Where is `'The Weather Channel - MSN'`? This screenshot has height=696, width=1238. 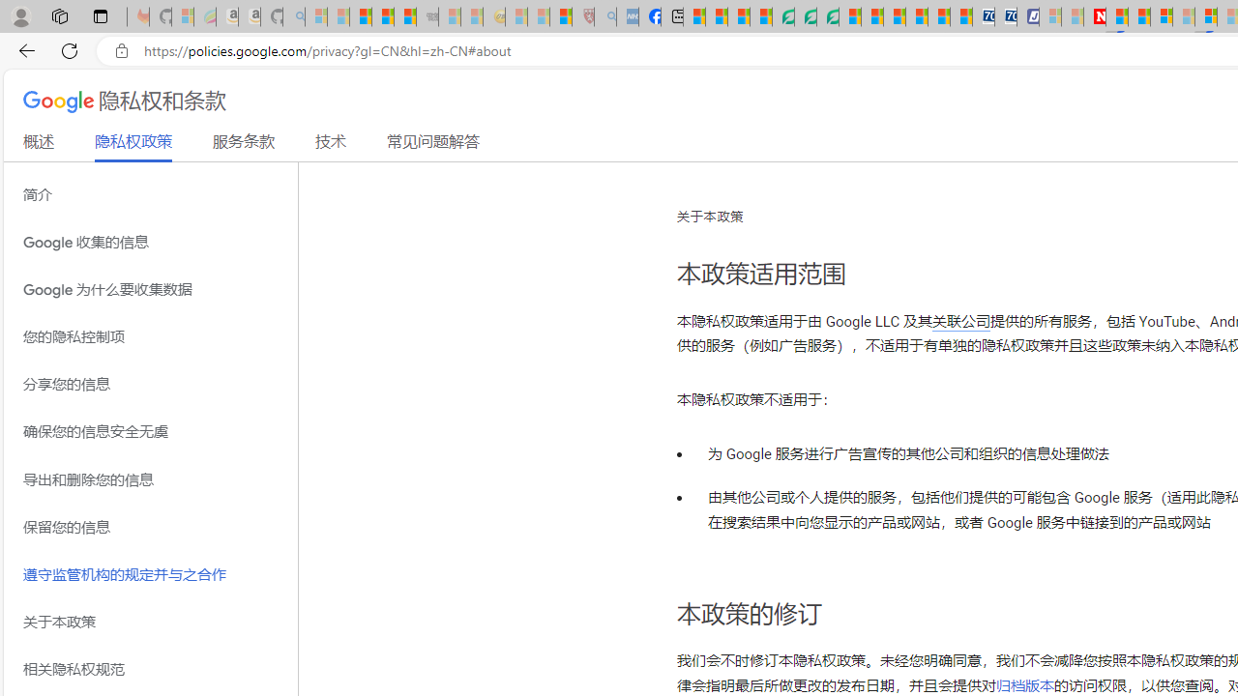
'The Weather Channel - MSN' is located at coordinates (361, 16).